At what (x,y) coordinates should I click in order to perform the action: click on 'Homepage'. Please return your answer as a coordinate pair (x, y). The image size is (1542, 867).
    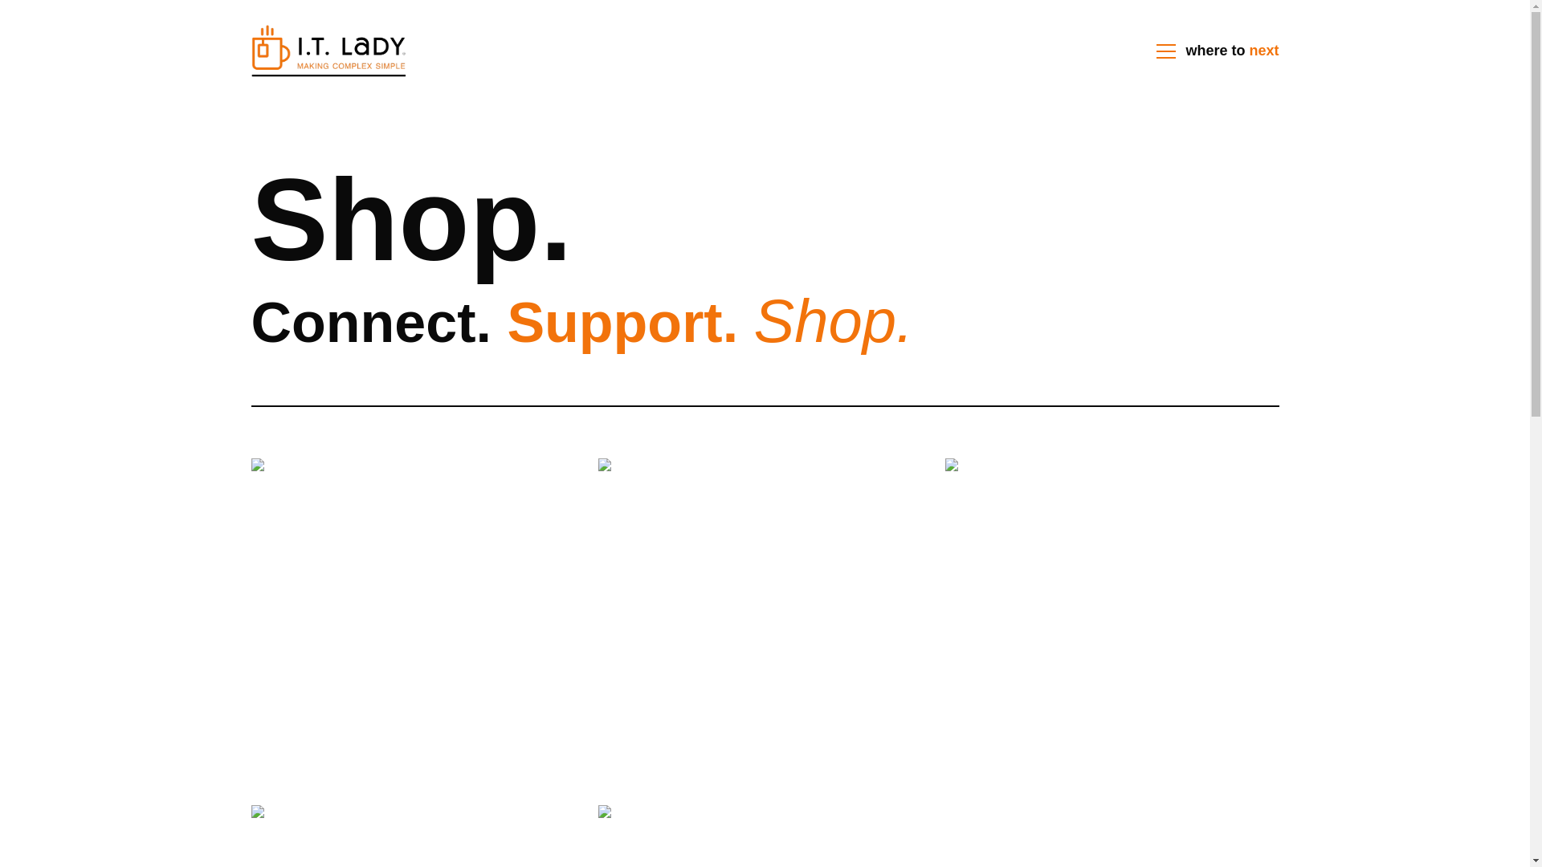
    Looking at the image, I should click on (327, 50).